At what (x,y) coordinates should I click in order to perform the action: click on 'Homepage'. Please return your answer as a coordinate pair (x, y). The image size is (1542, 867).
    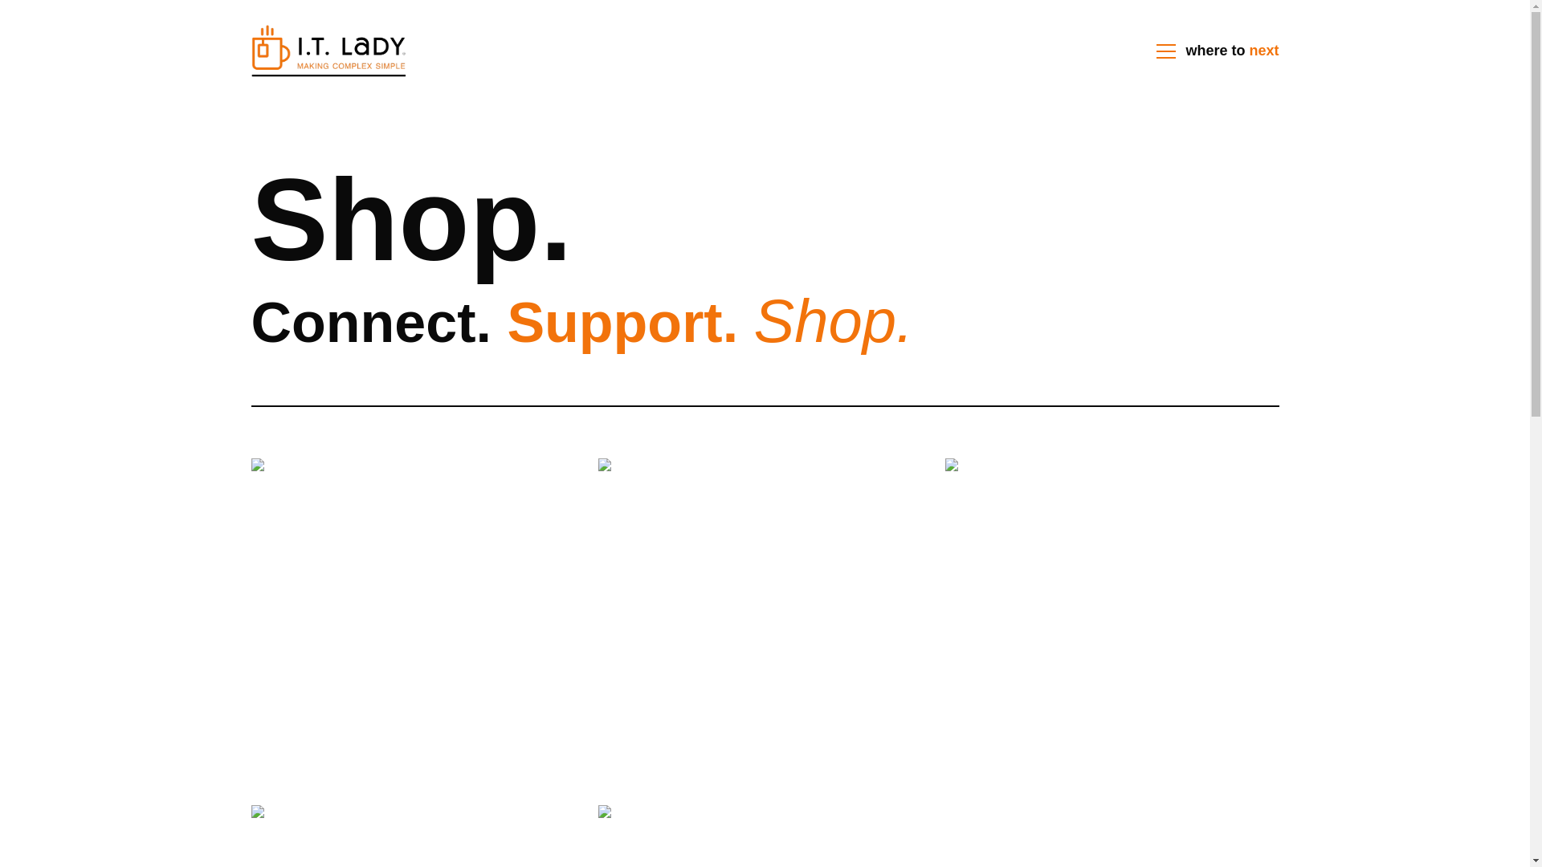
    Looking at the image, I should click on (327, 50).